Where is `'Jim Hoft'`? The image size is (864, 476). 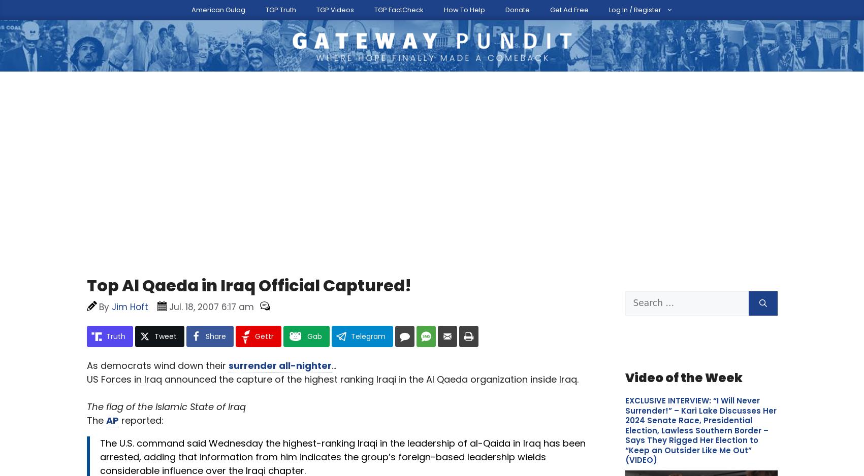 'Jim Hoft' is located at coordinates (157, 265).